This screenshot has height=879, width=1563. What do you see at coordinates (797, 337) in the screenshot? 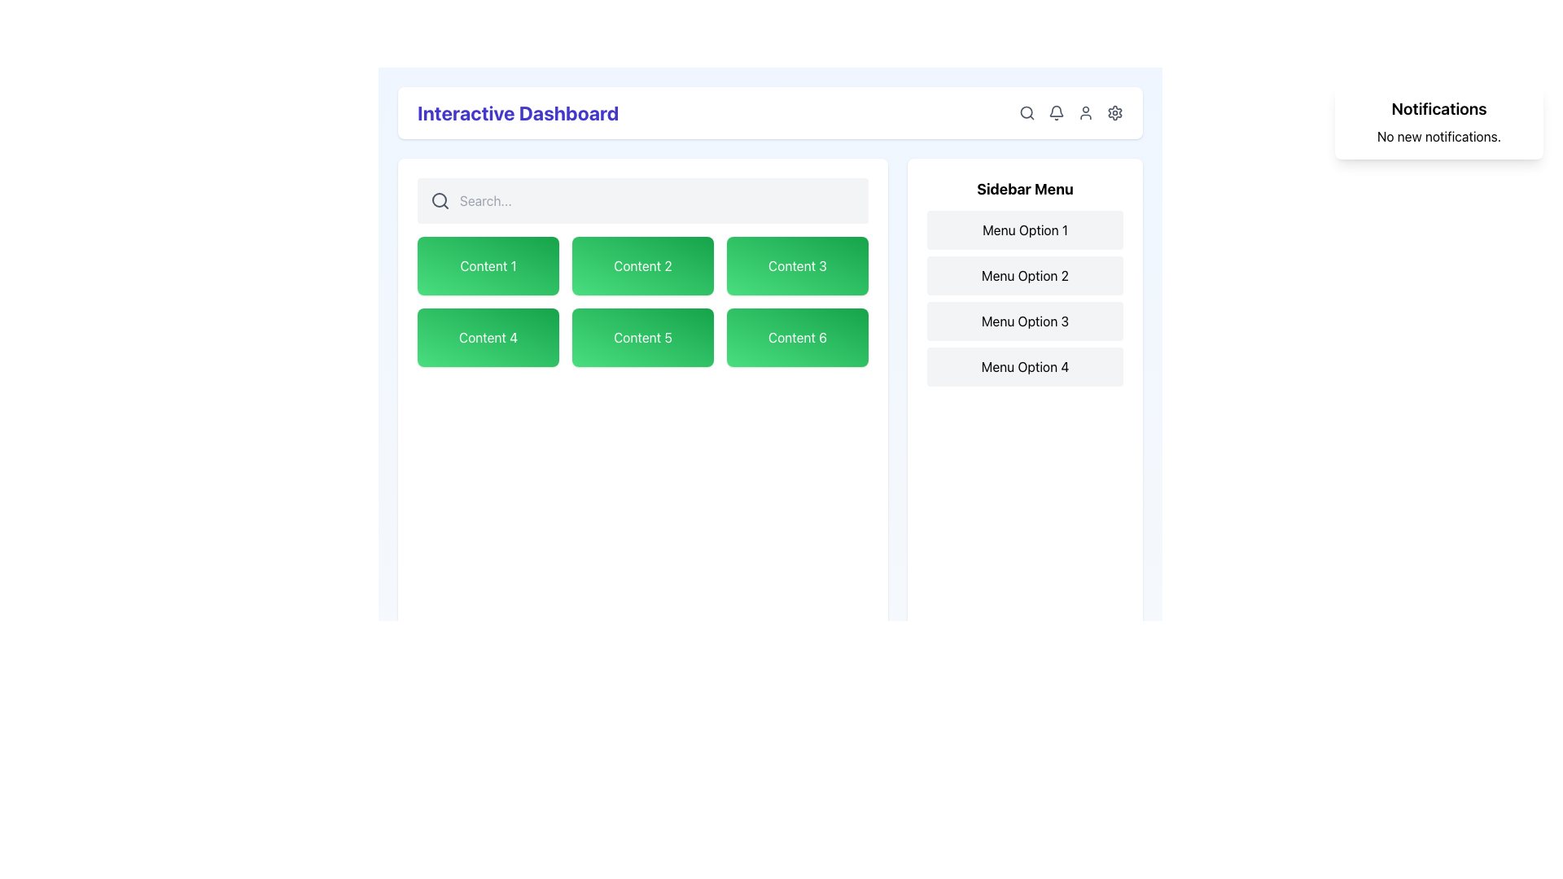
I see `the button representing 'Content 6' to trigger hover effects` at bounding box center [797, 337].